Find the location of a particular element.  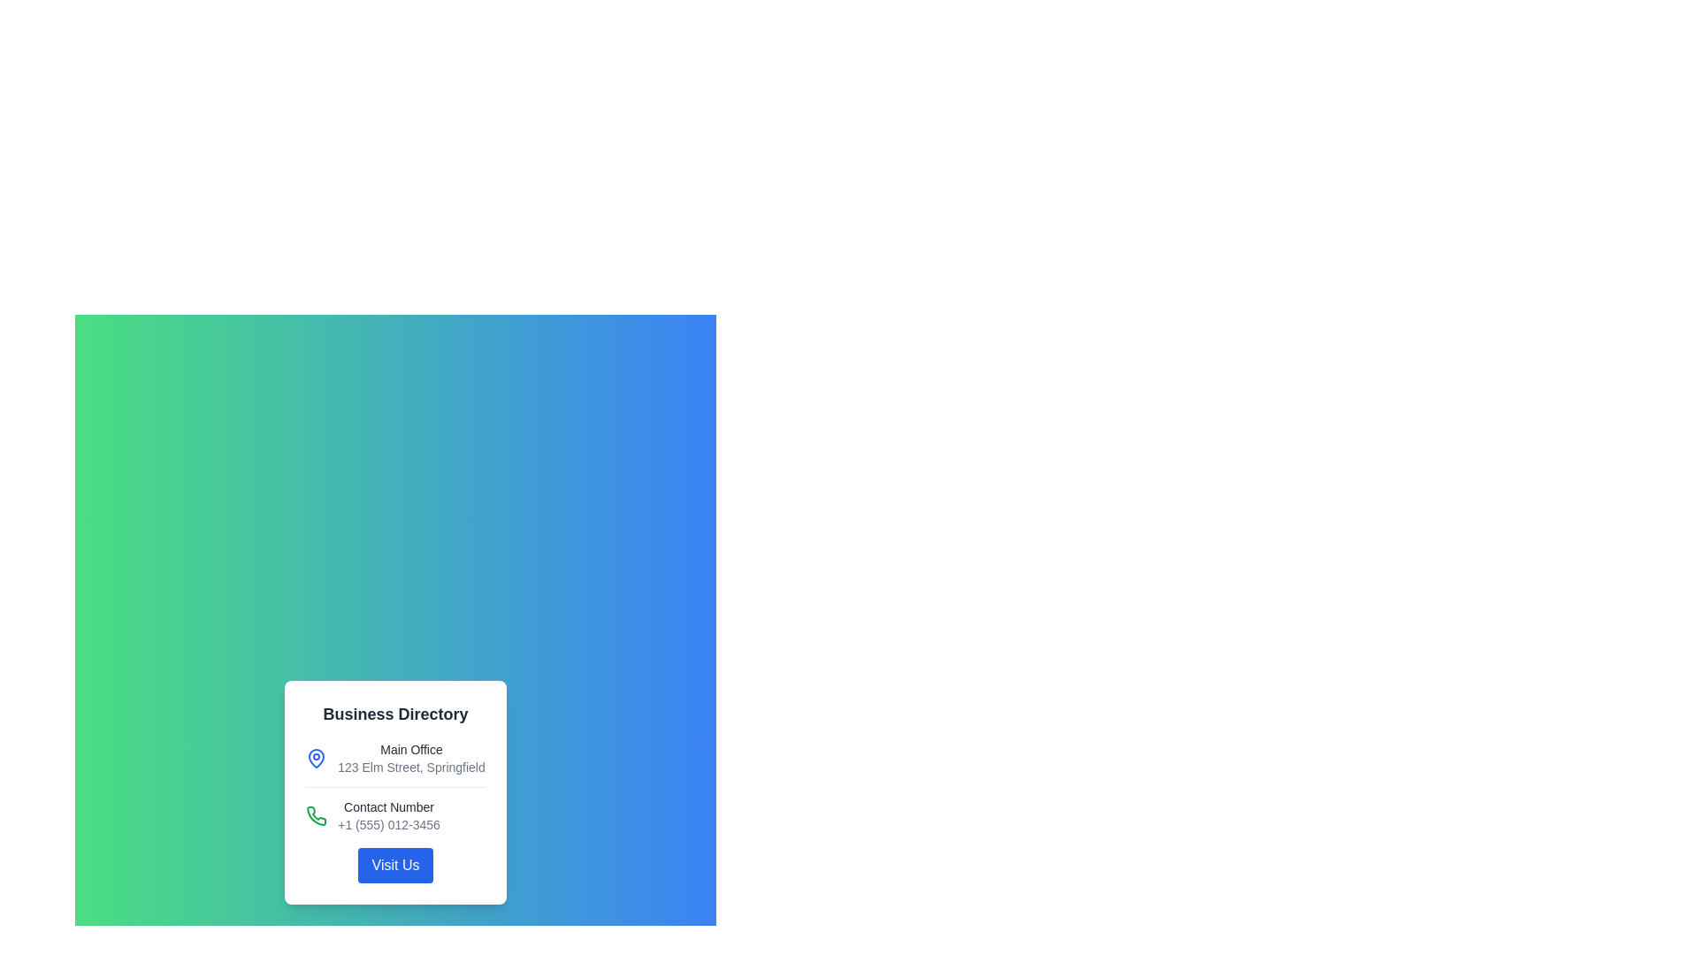

the Text Display element that shows the contact number for the business featured in the directory, located near the lower-middle section of the card under the 'Business Directory' heading is located at coordinates (388, 815).